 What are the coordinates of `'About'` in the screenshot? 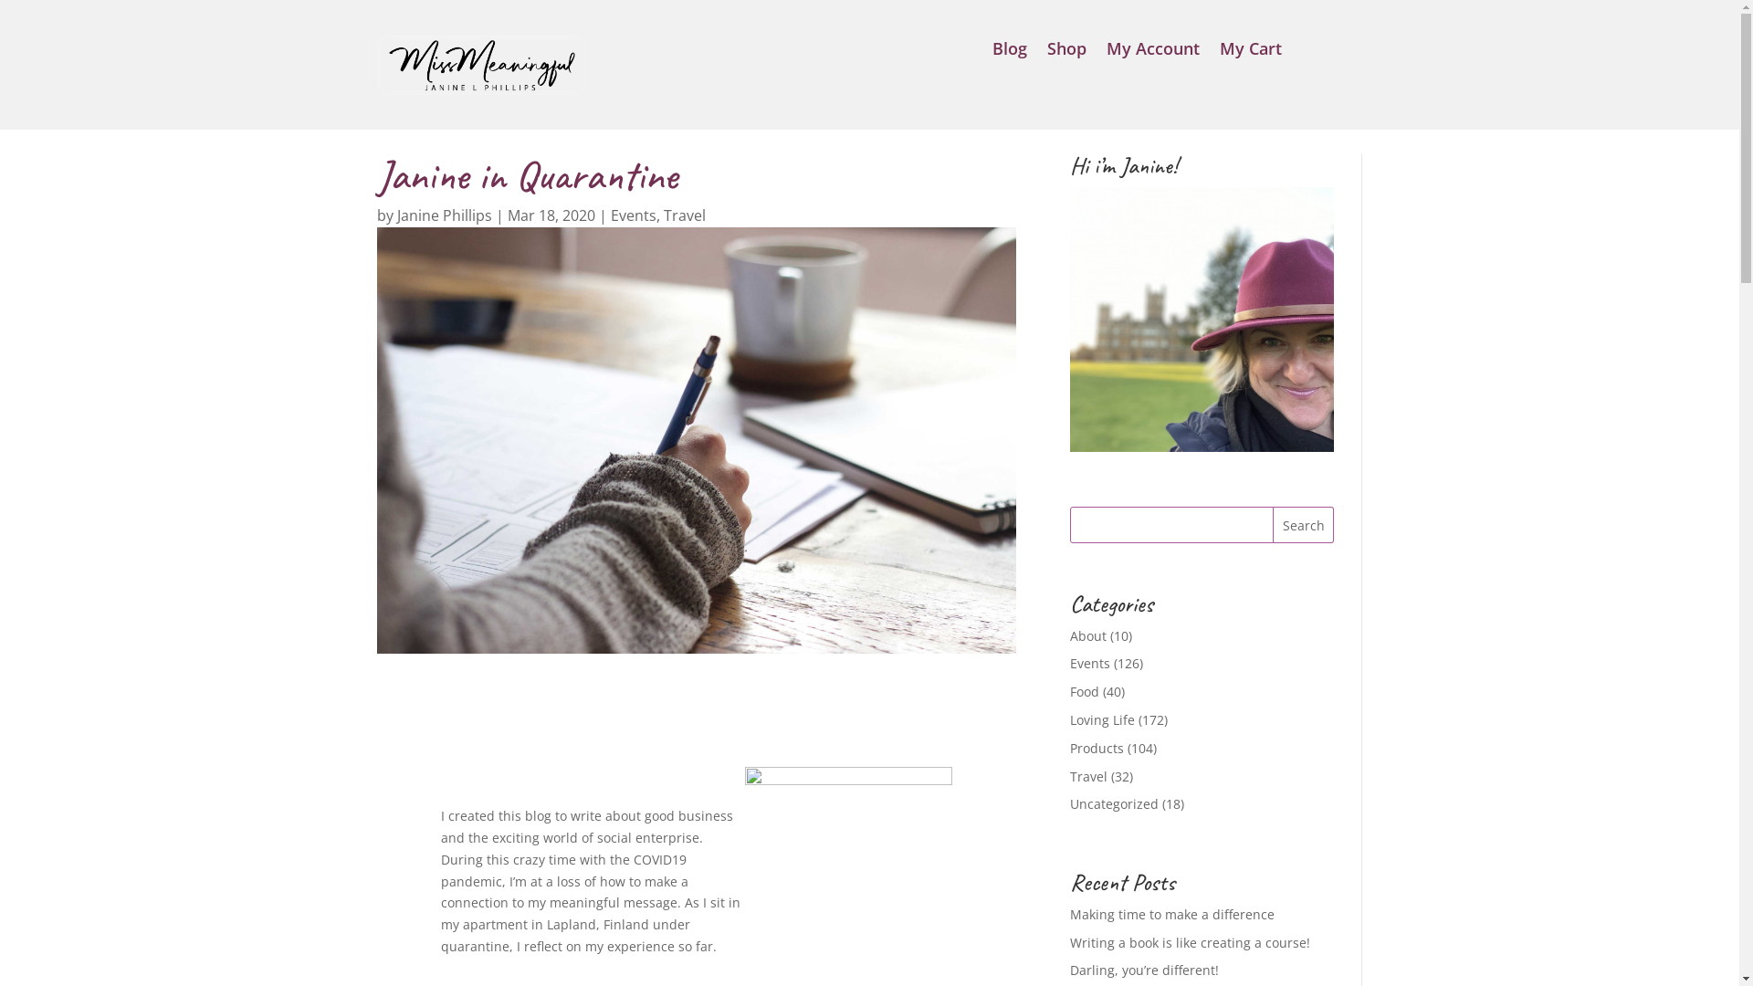 It's located at (1087, 635).